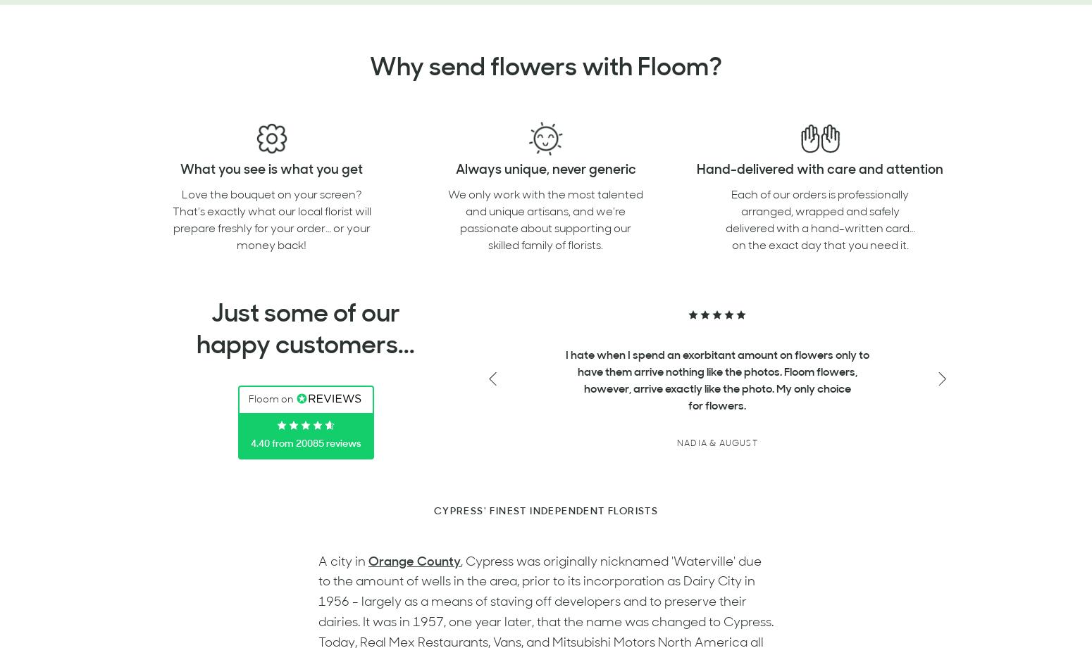 This screenshot has height=648, width=1092. Describe the element at coordinates (716, 443) in the screenshot. I see `'Nadia & August'` at that location.